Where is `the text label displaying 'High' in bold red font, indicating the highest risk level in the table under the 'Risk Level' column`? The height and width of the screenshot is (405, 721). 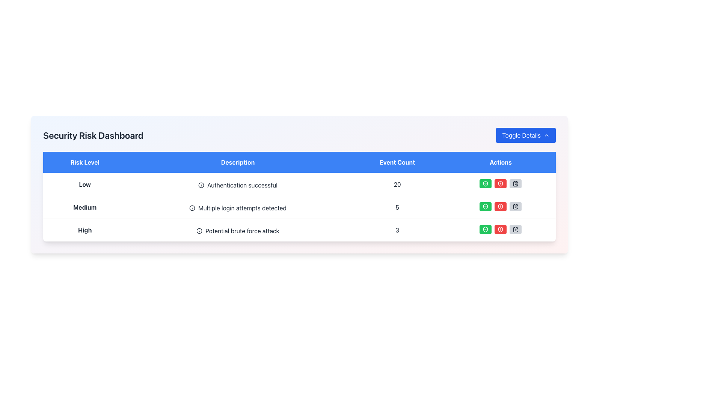
the text label displaying 'High' in bold red font, indicating the highest risk level in the table under the 'Risk Level' column is located at coordinates (85, 229).